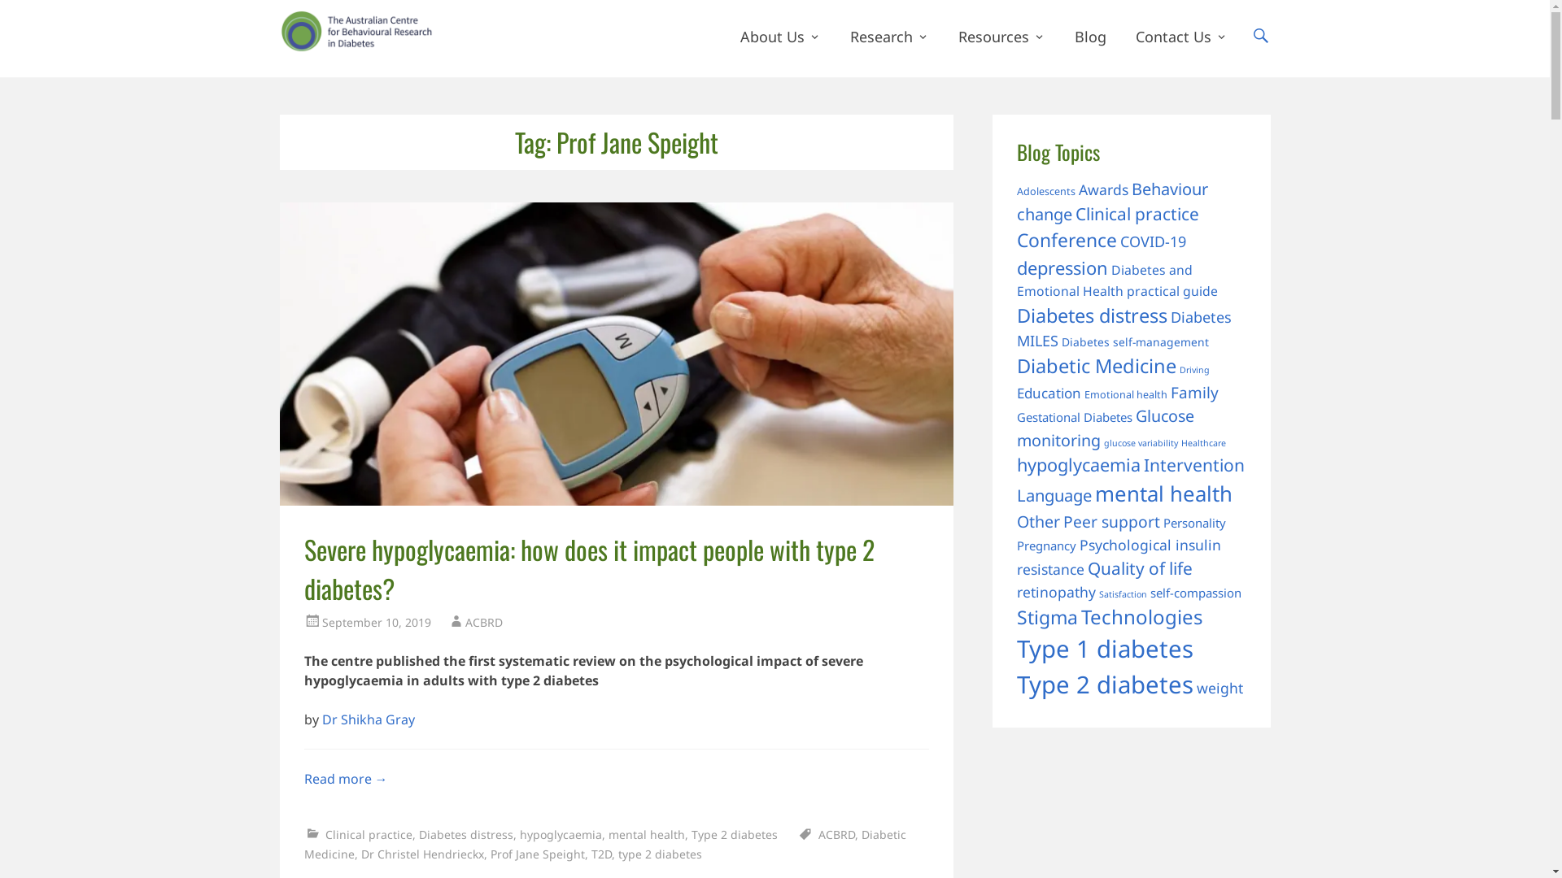 Image resolution: width=1562 pixels, height=878 pixels. I want to click on 'About Us', so click(779, 37).